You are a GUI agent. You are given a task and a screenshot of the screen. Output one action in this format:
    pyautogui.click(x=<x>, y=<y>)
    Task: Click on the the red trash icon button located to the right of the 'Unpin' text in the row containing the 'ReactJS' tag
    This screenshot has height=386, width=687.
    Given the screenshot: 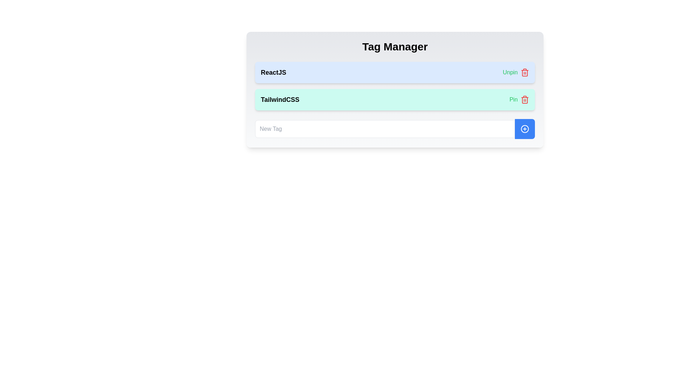 What is the action you would take?
    pyautogui.click(x=525, y=73)
    